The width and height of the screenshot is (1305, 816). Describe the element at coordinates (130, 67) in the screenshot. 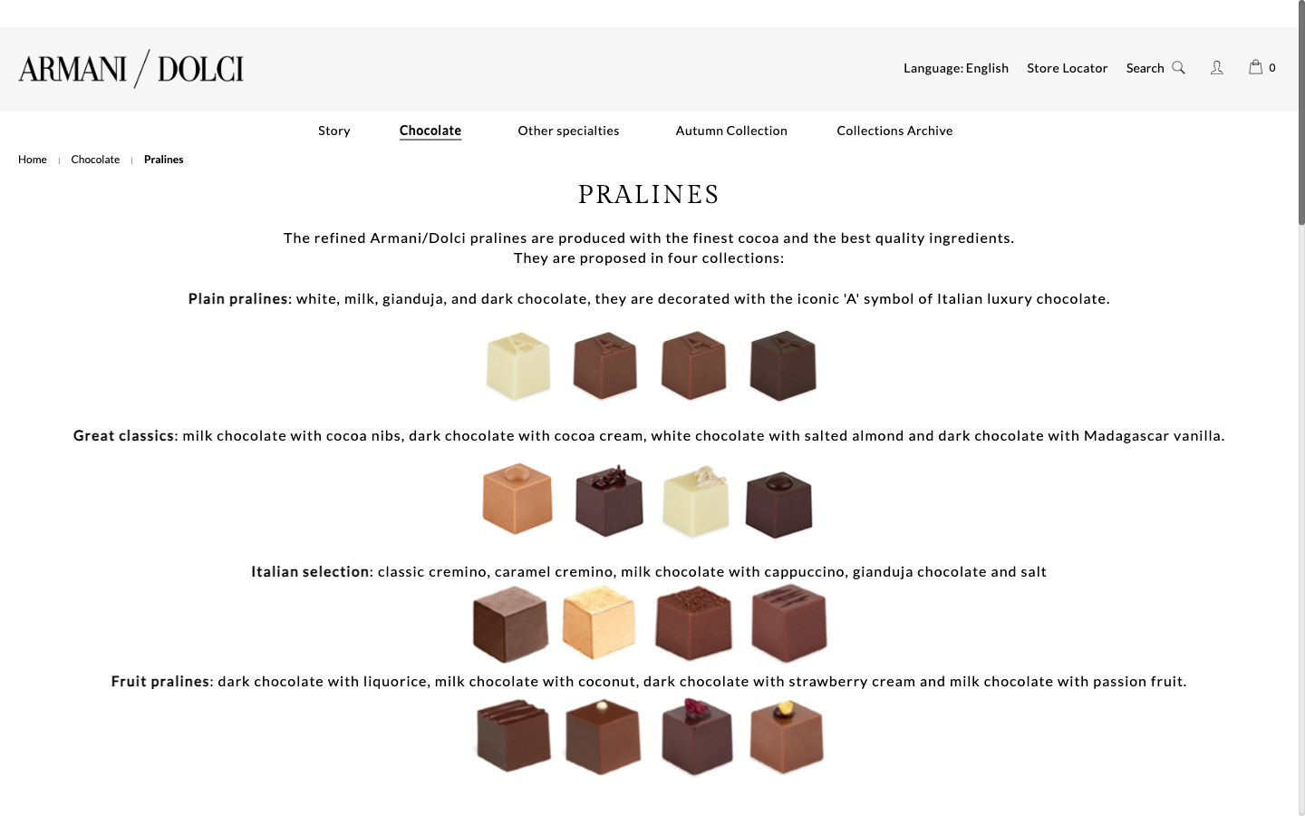

I see `Redirect to the Armani/dolci homepage by clicking on the logo in the upper left hand corner` at that location.